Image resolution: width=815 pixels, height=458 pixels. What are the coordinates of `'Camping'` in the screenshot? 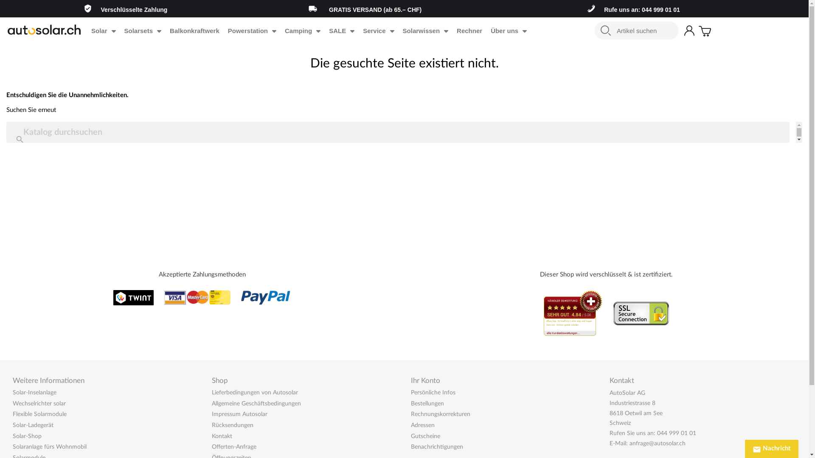 It's located at (303, 31).